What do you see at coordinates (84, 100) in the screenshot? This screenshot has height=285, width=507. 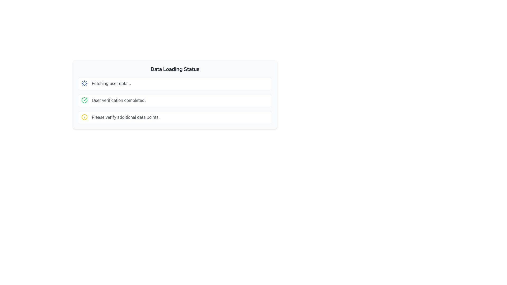 I see `the checkmark icon within a green circle that indicates a completed status, located next to the text 'User verification completed.'` at bounding box center [84, 100].